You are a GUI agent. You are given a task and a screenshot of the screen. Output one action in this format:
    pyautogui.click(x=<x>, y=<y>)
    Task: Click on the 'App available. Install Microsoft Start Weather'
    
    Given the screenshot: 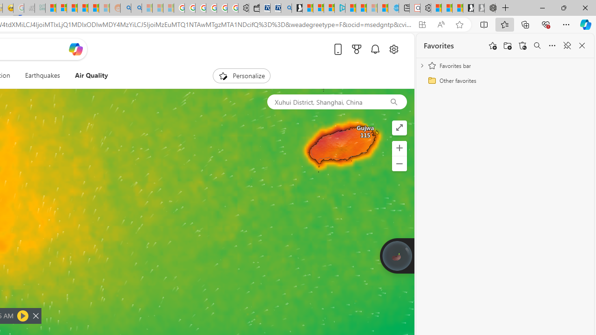 What is the action you would take?
    pyautogui.click(x=421, y=24)
    